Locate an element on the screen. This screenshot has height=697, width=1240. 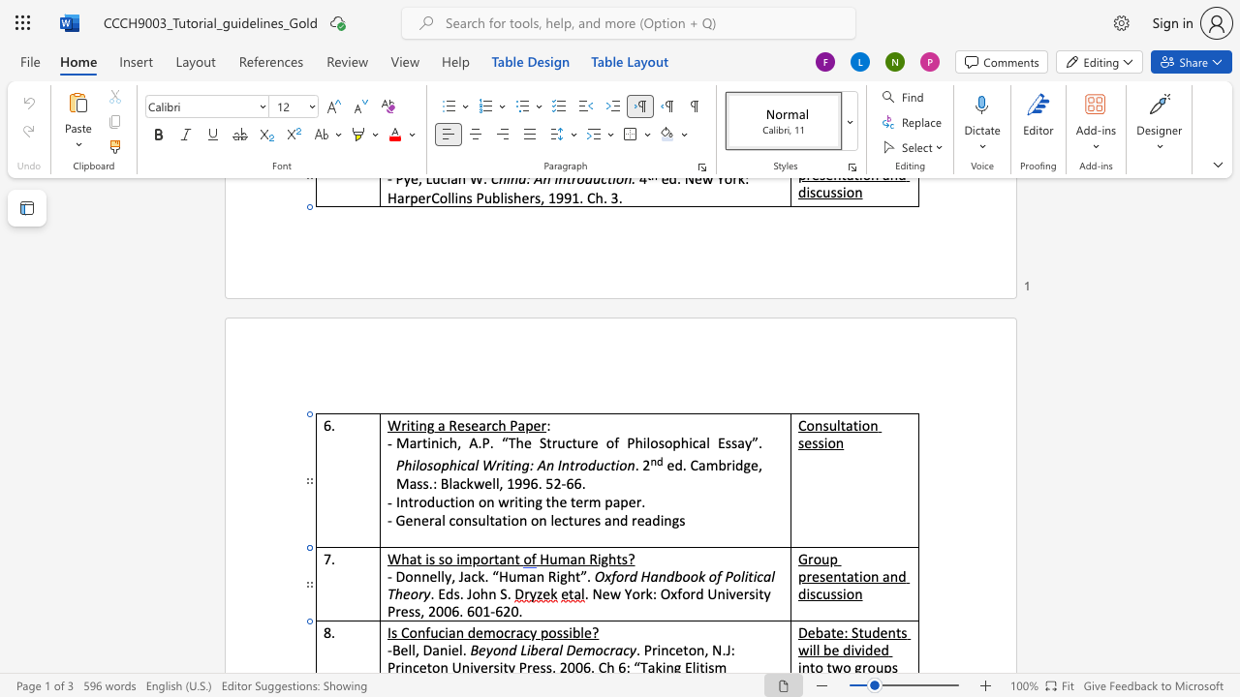
the space between the continuous character "E" and "d" in the text is located at coordinates (445, 592).